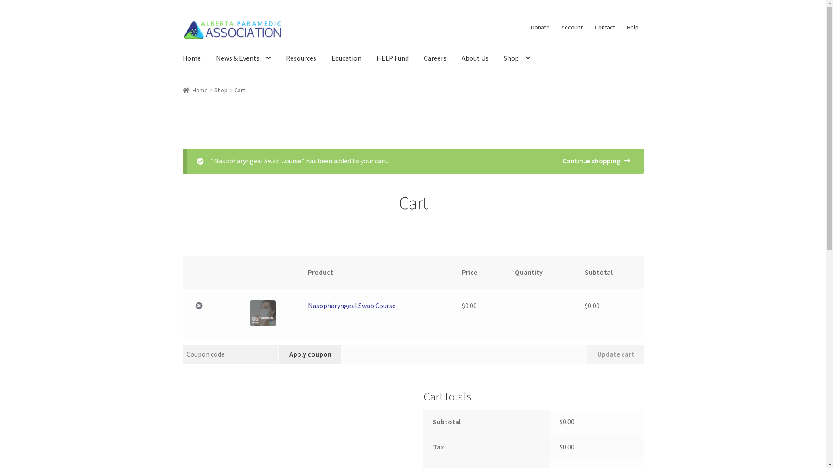  I want to click on 'Help', so click(621, 26).